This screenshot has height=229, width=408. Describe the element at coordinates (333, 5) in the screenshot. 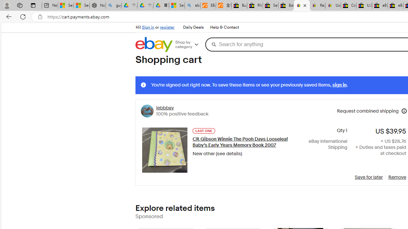

I see `'User Privacy Notice | eBay'` at that location.